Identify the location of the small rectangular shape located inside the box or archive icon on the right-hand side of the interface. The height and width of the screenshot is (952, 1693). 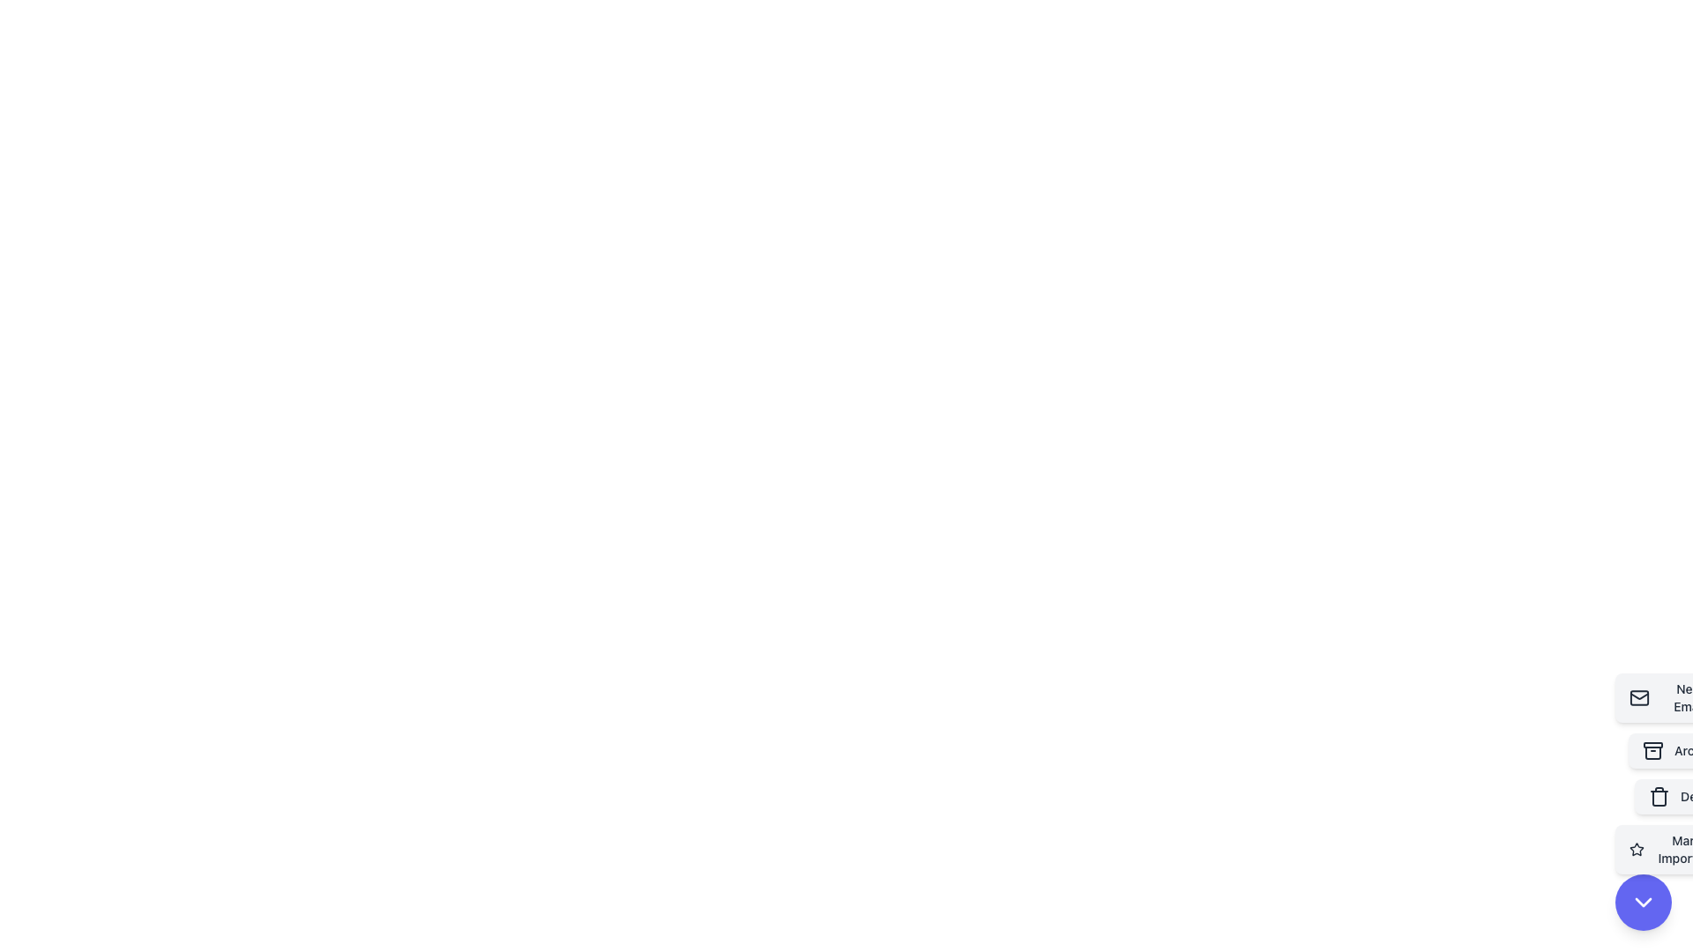
(1652, 745).